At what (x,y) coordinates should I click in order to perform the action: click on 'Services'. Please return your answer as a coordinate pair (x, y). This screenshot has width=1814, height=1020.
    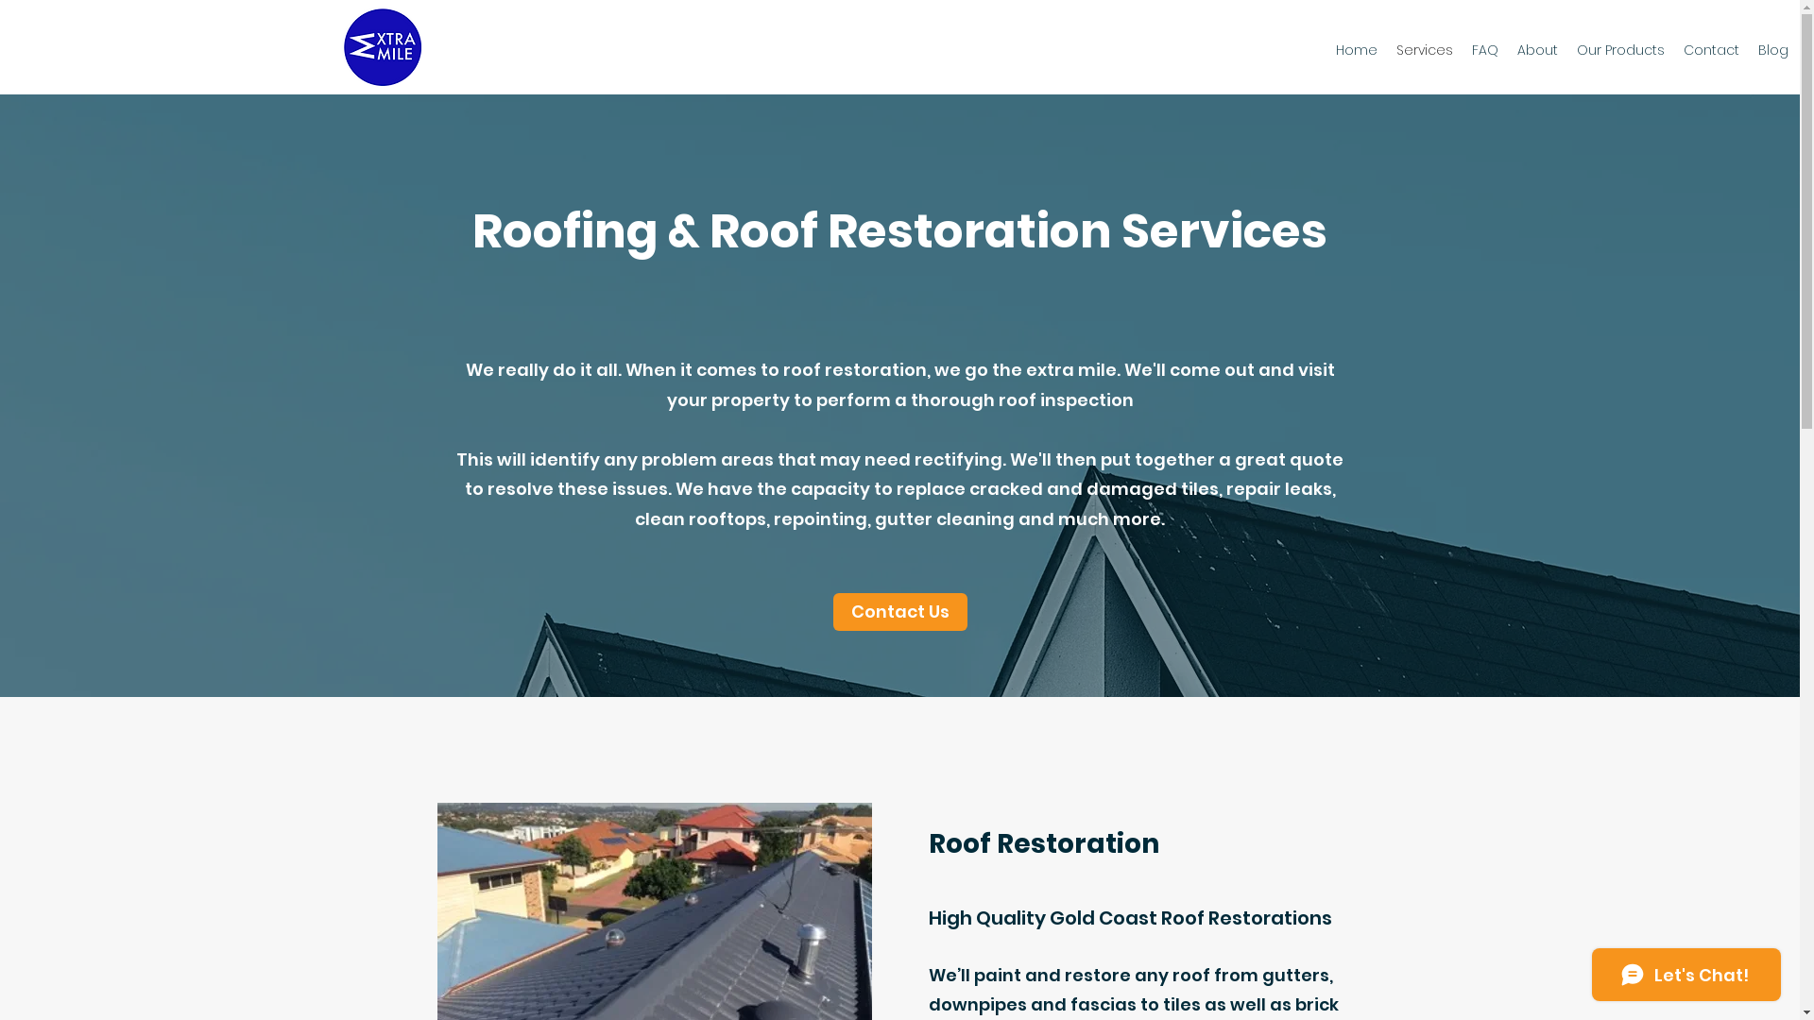
    Looking at the image, I should click on (1424, 49).